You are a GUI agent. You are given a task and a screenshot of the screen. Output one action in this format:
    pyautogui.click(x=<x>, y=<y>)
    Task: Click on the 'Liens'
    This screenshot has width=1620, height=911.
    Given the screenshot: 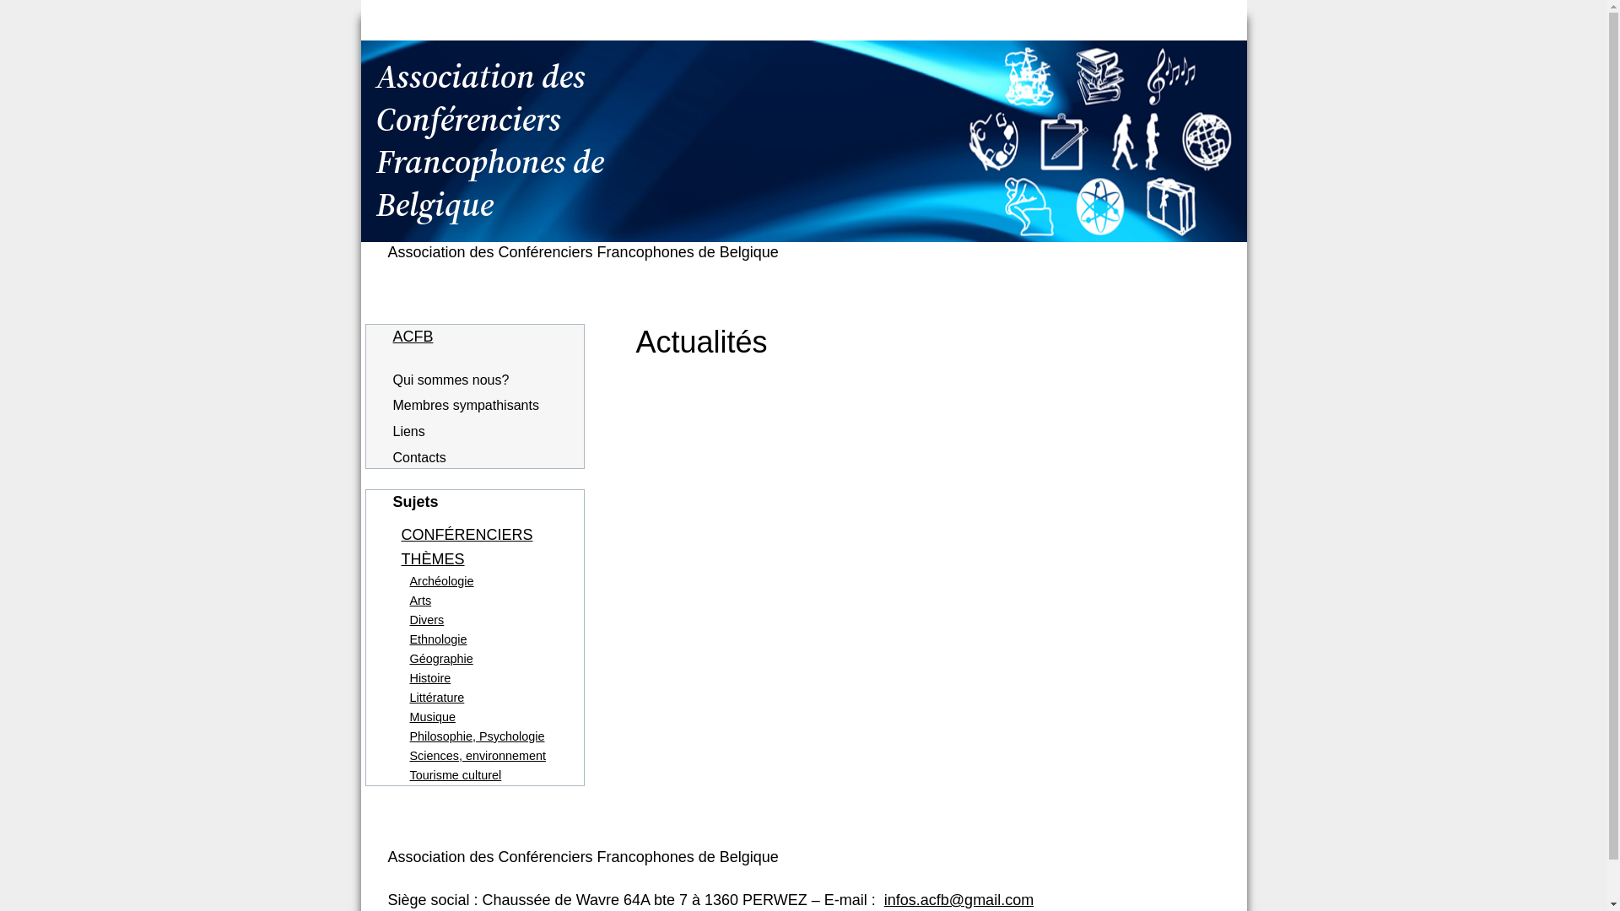 What is the action you would take?
    pyautogui.click(x=408, y=431)
    